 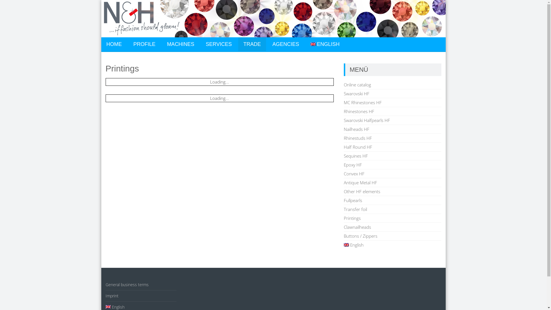 What do you see at coordinates (344, 84) in the screenshot?
I see `'Online catalog'` at bounding box center [344, 84].